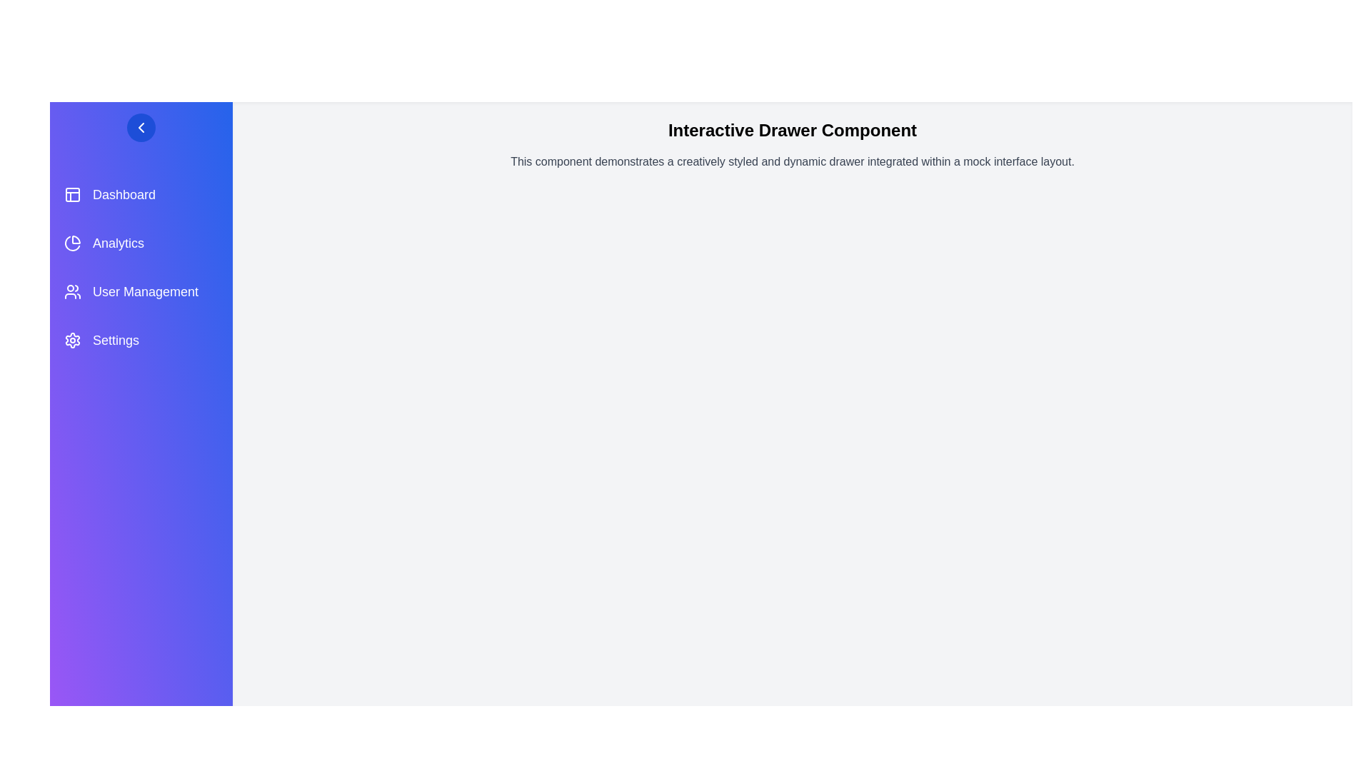  I want to click on the menu item Analytics by clicking on it, so click(141, 242).